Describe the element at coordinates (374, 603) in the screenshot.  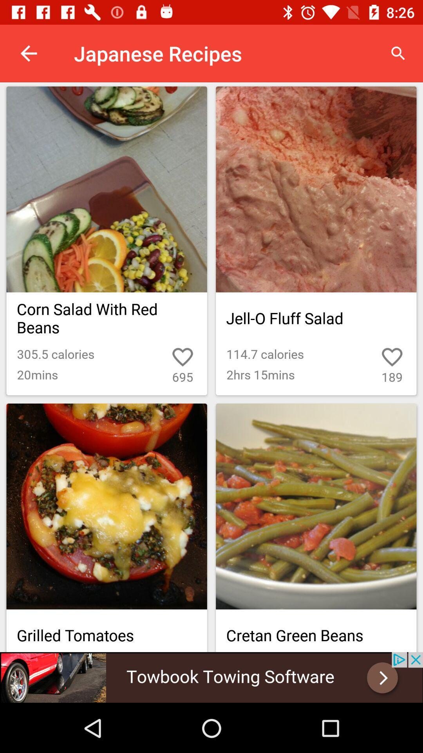
I see `the menu icon` at that location.